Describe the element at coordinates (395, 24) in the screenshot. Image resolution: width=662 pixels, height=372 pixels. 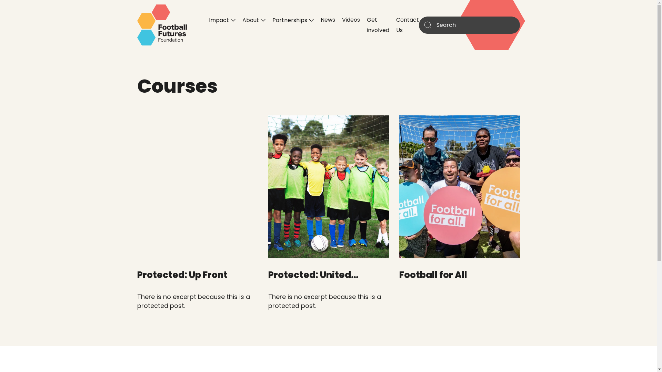
I see `'Contact Us'` at that location.